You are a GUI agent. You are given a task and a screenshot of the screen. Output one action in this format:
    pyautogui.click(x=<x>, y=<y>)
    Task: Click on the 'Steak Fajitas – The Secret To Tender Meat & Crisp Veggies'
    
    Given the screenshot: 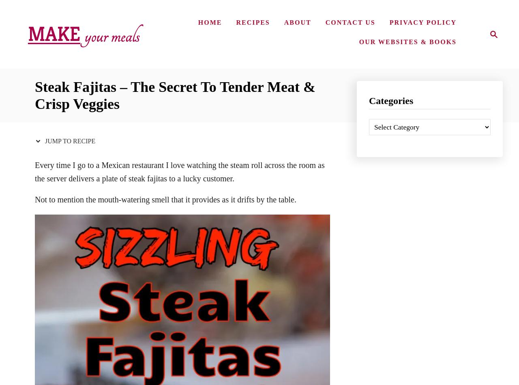 What is the action you would take?
    pyautogui.click(x=175, y=96)
    